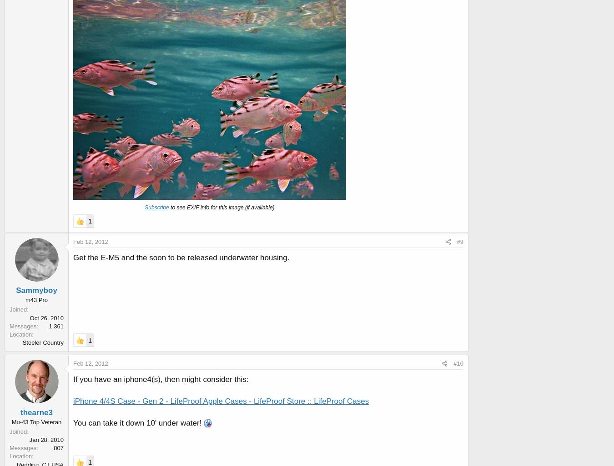  What do you see at coordinates (36, 411) in the screenshot?
I see `'thearne3'` at bounding box center [36, 411].